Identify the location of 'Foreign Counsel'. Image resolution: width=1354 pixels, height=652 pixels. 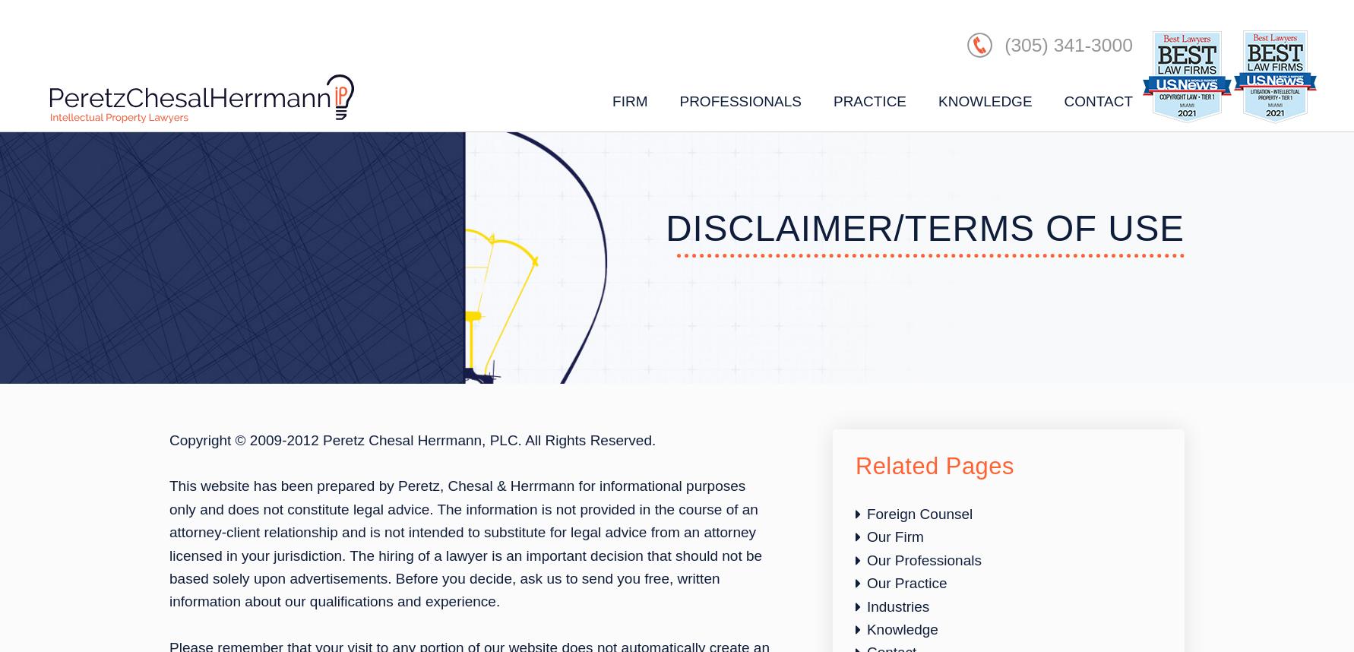
(918, 513).